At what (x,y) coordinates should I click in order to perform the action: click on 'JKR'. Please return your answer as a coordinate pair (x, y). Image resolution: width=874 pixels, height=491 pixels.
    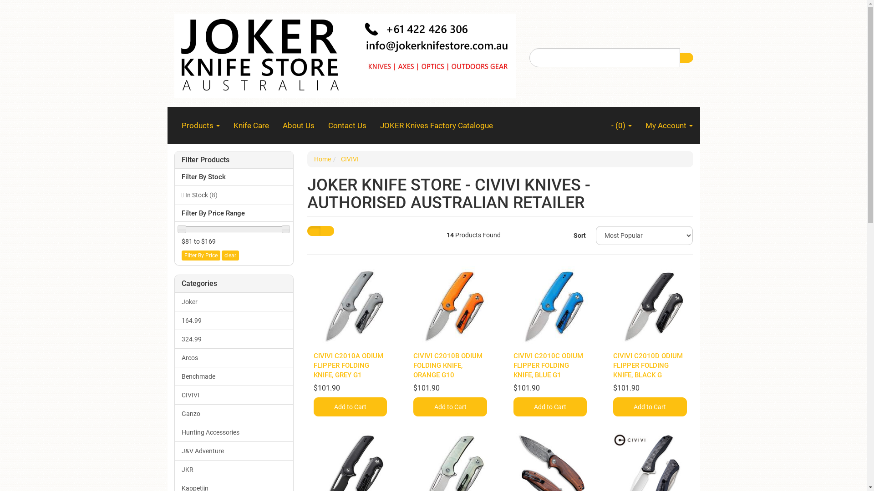
    Looking at the image, I should click on (234, 470).